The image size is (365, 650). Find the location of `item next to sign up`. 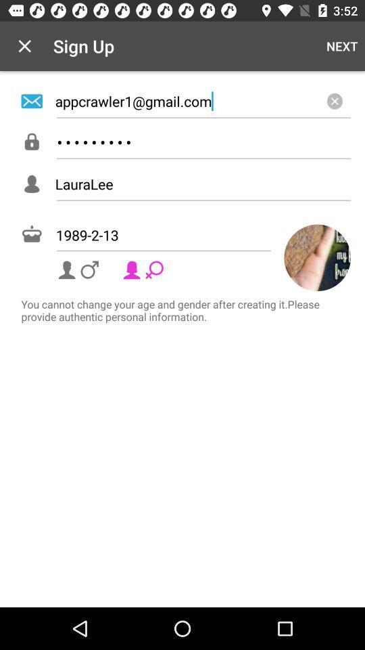

item next to sign up is located at coordinates (341, 46).